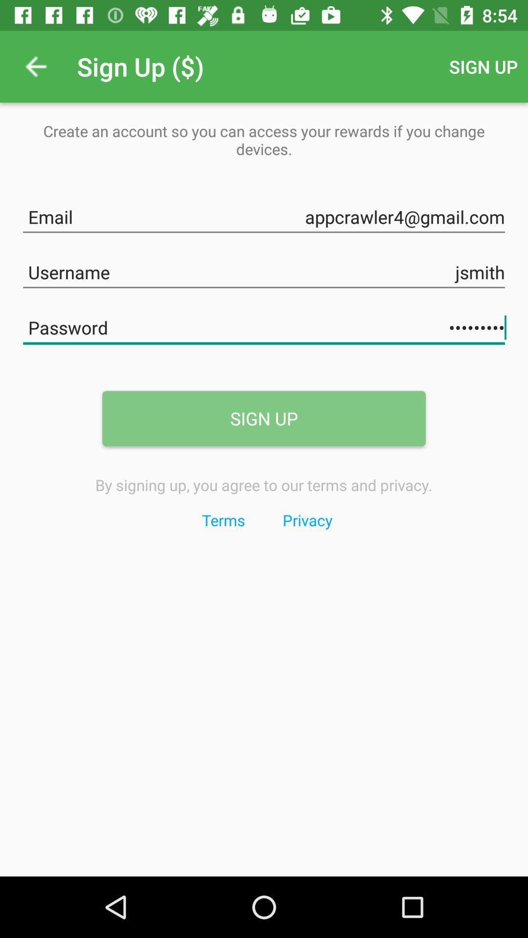 This screenshot has width=528, height=938. Describe the element at coordinates (264, 270) in the screenshot. I see `jsmith item` at that location.